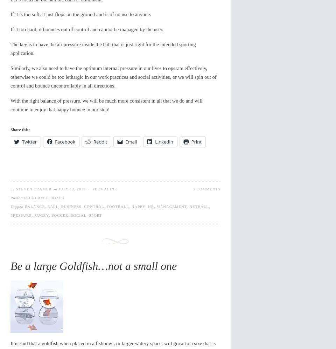 This screenshot has width=336, height=349. What do you see at coordinates (86, 29) in the screenshot?
I see `'If it too hard, it bounces out of control and cannot be managed by the user.'` at bounding box center [86, 29].